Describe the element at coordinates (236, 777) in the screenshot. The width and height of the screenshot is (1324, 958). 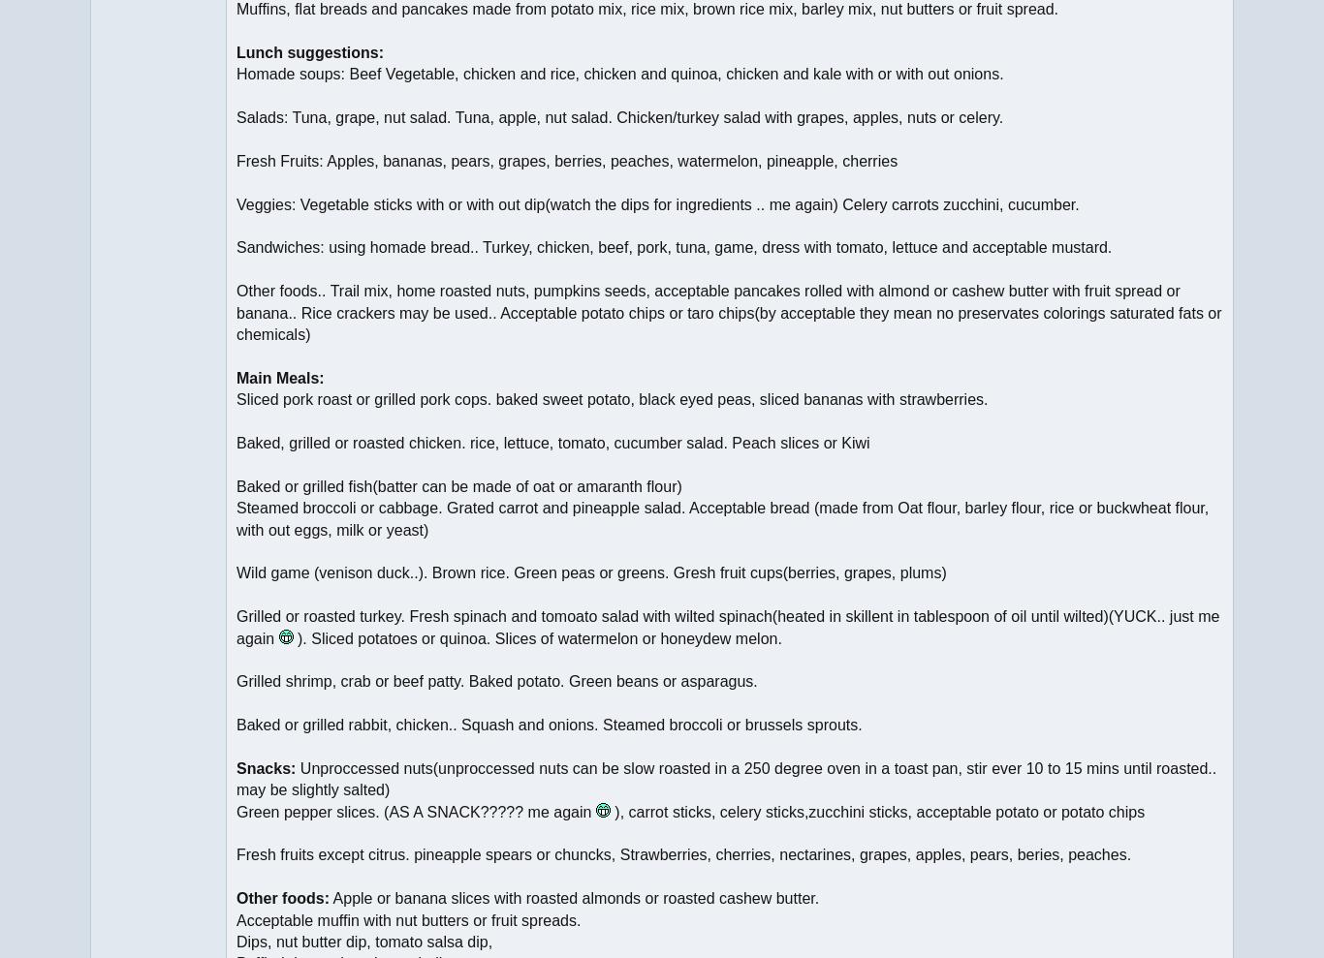
I see `'Unproccessed nuts(unproccessed nuts can be slow roasted in a 250 degree oven in a toast pan, stir ever 10 to 15 mins until roasted.. may be slightly salted)'` at that location.